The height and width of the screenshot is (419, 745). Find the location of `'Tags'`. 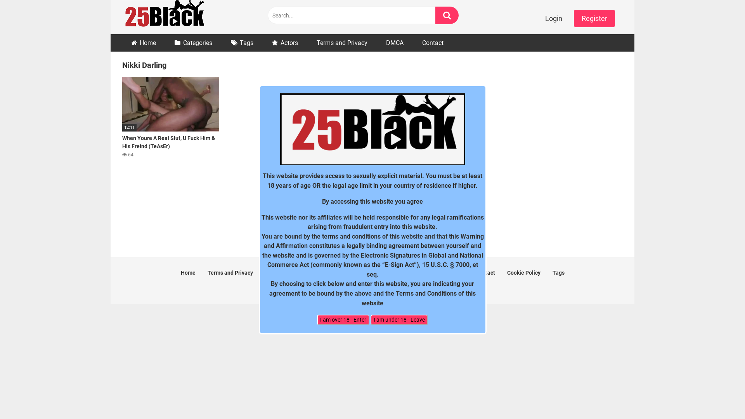

'Tags' is located at coordinates (558, 272).